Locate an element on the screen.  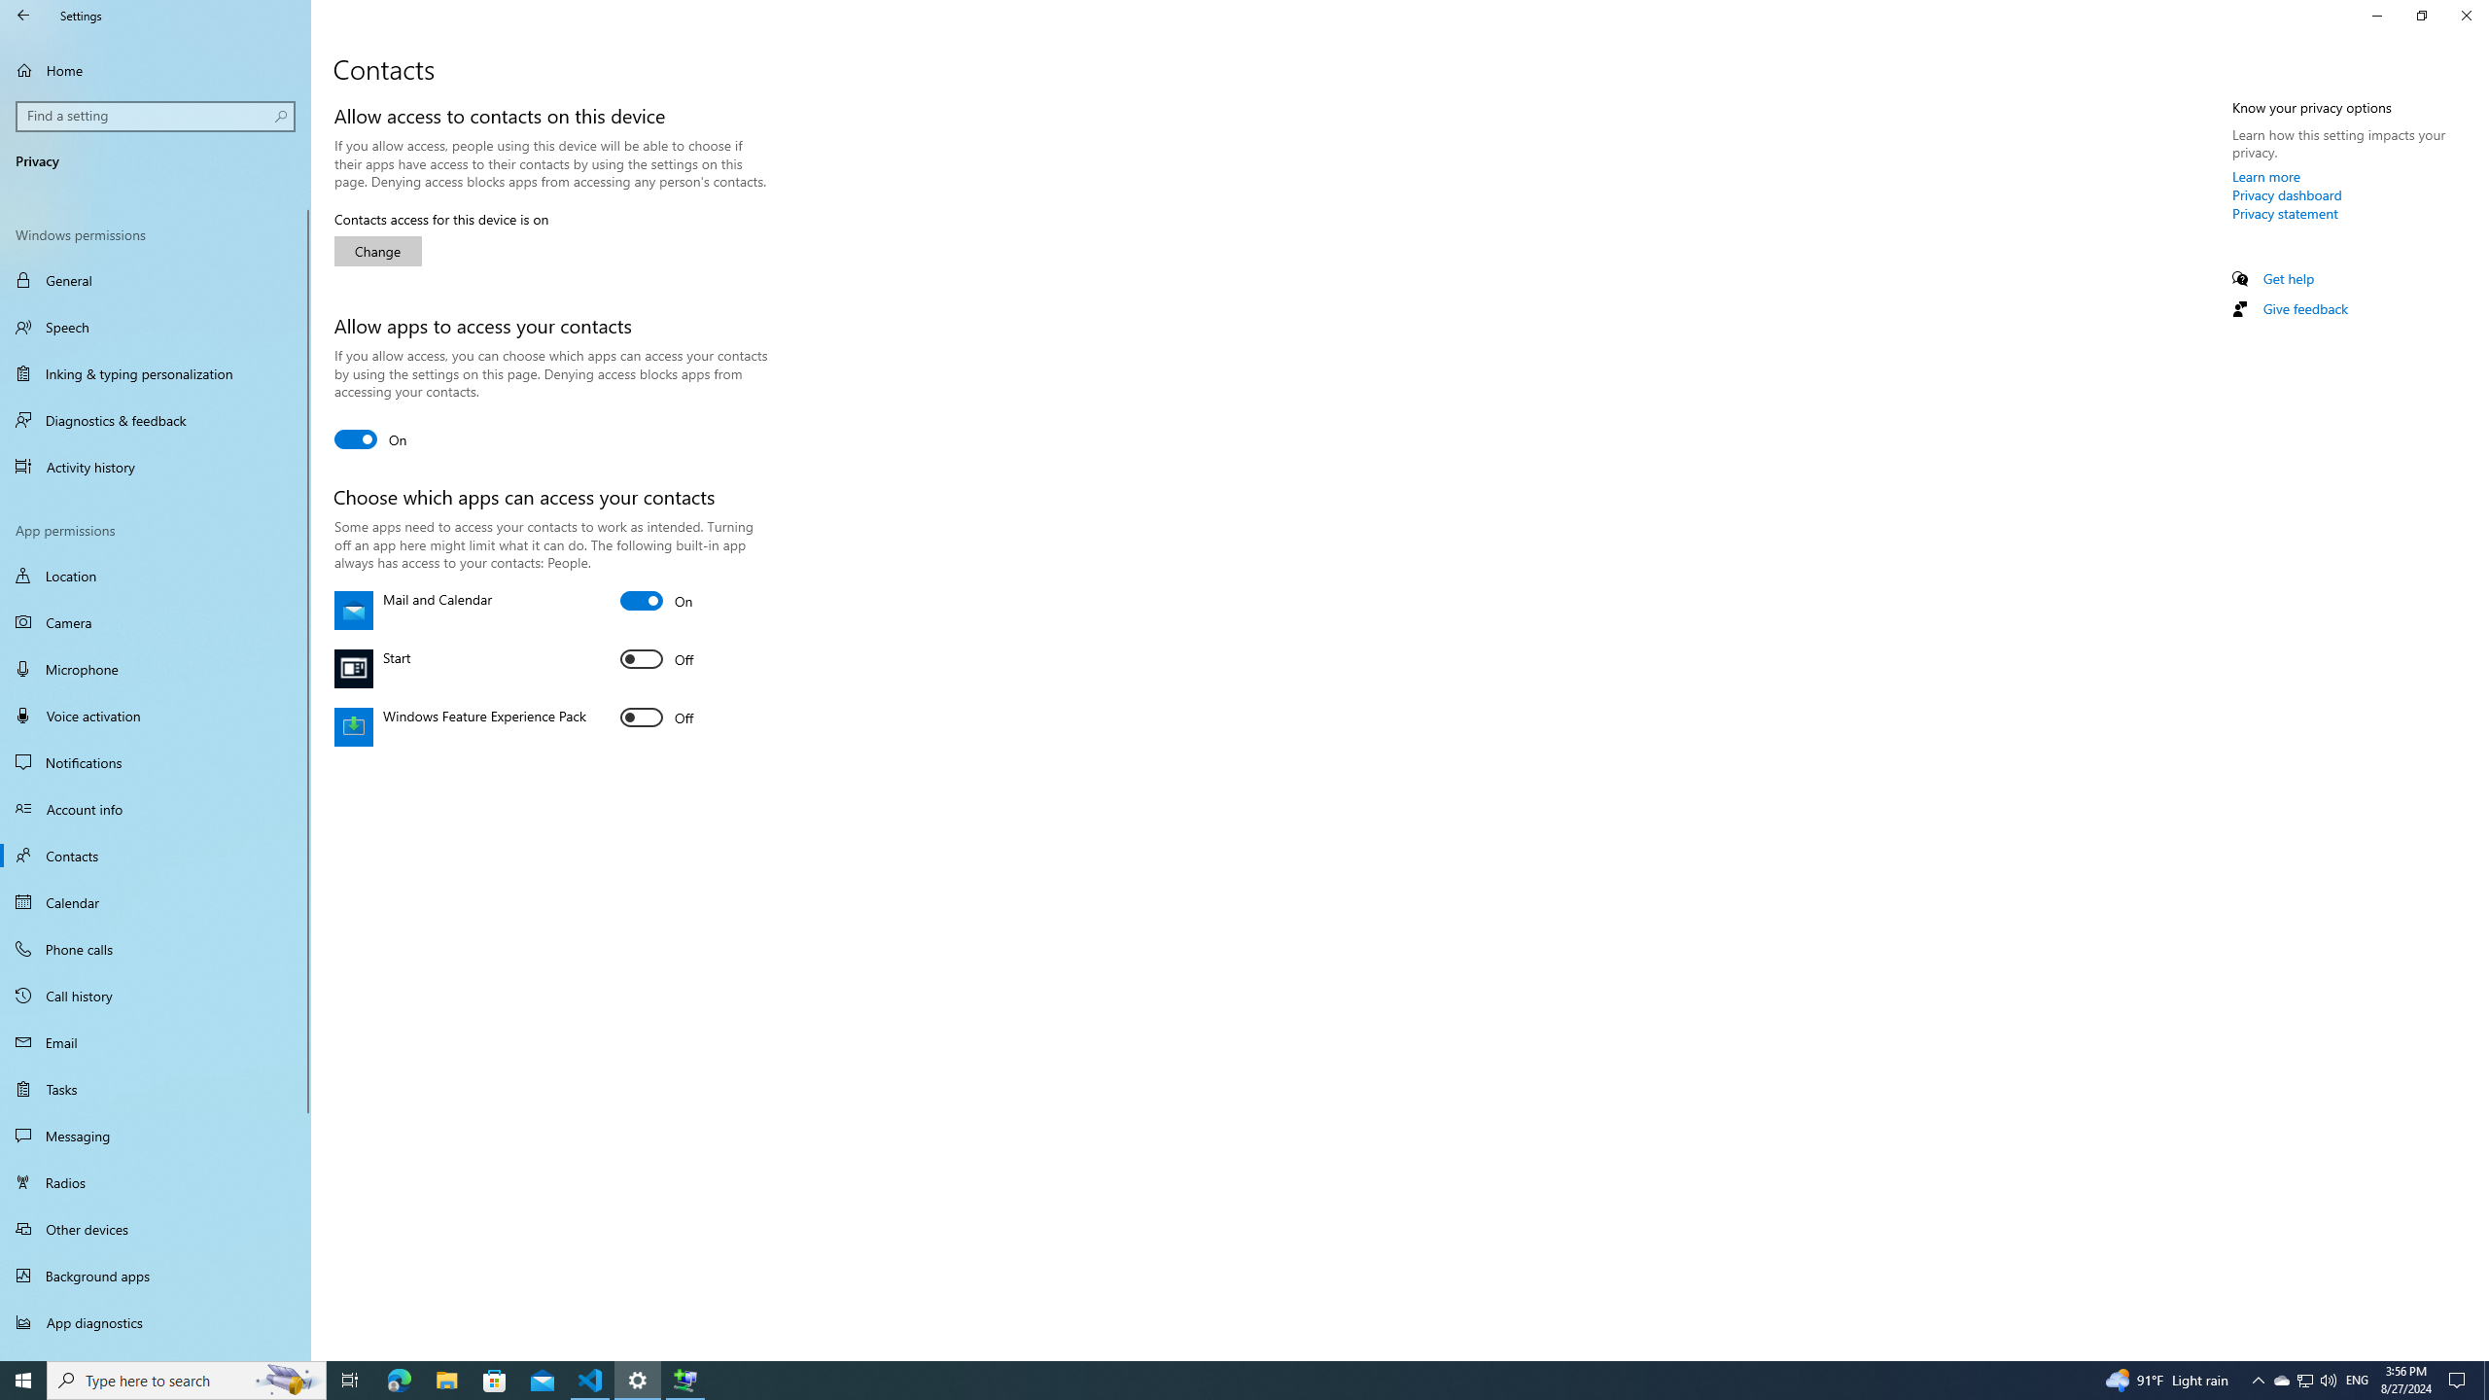
'Search highlights icon opens search home window' is located at coordinates (286, 1379).